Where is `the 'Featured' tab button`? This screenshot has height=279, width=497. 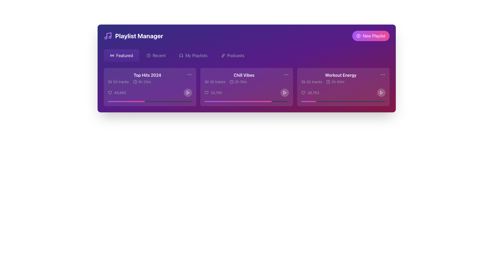 the 'Featured' tab button is located at coordinates (121, 56).